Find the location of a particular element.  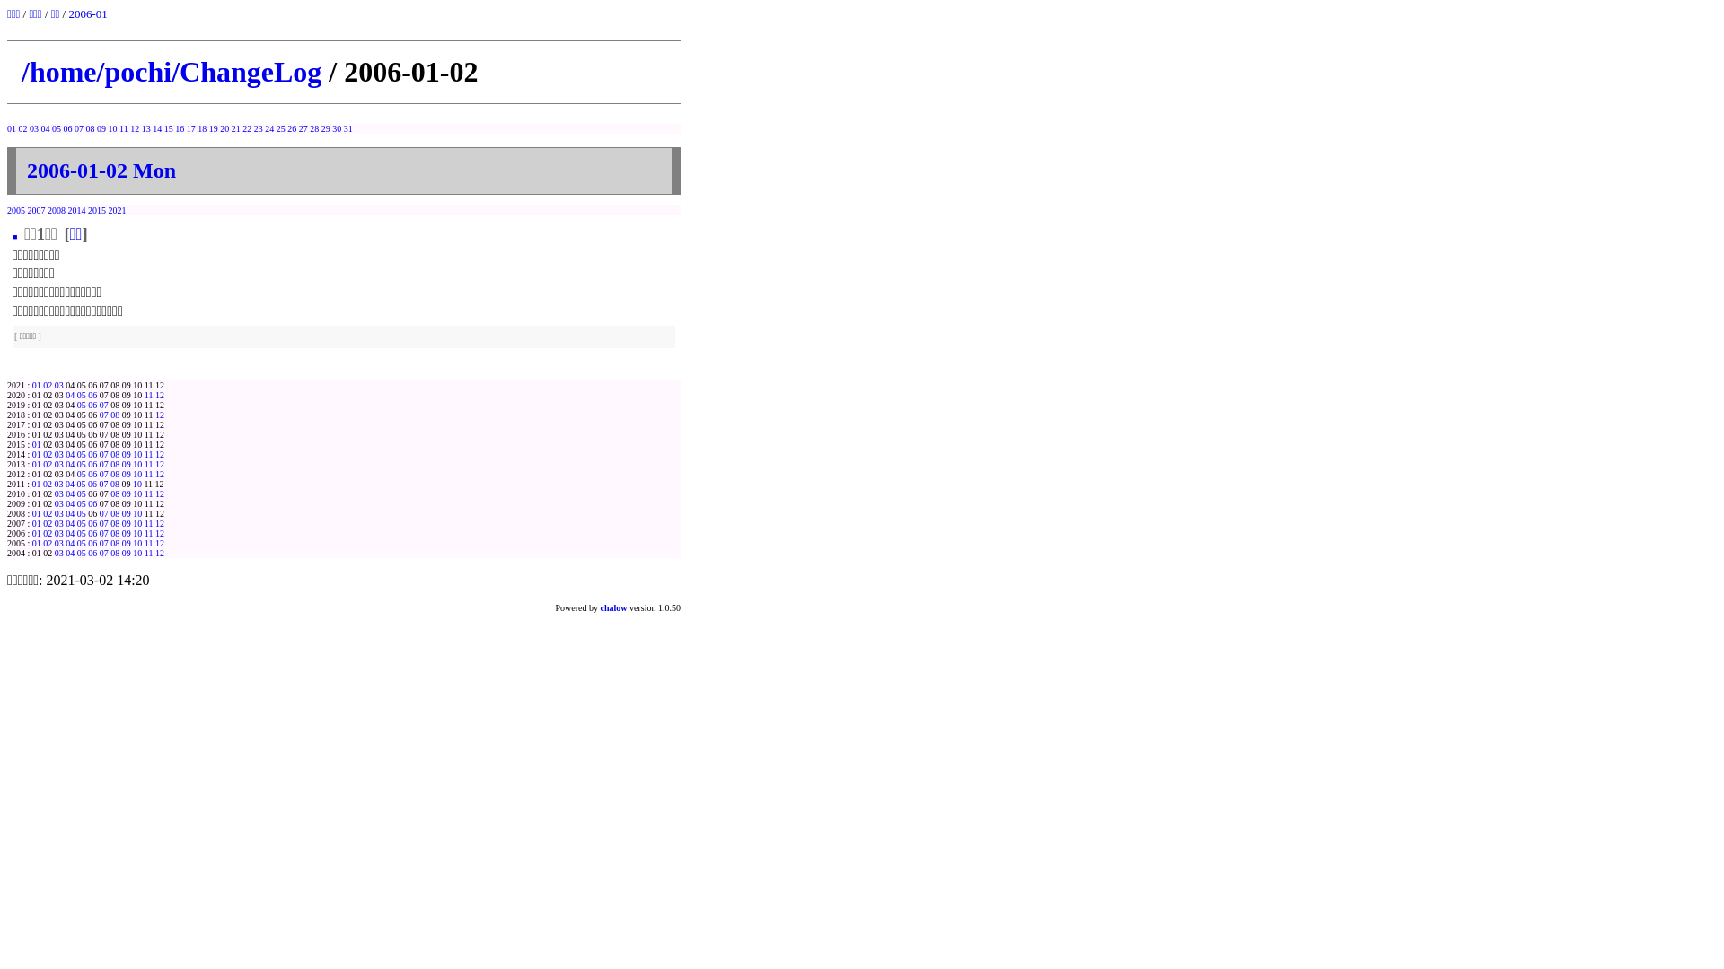

'06' is located at coordinates (91, 552).